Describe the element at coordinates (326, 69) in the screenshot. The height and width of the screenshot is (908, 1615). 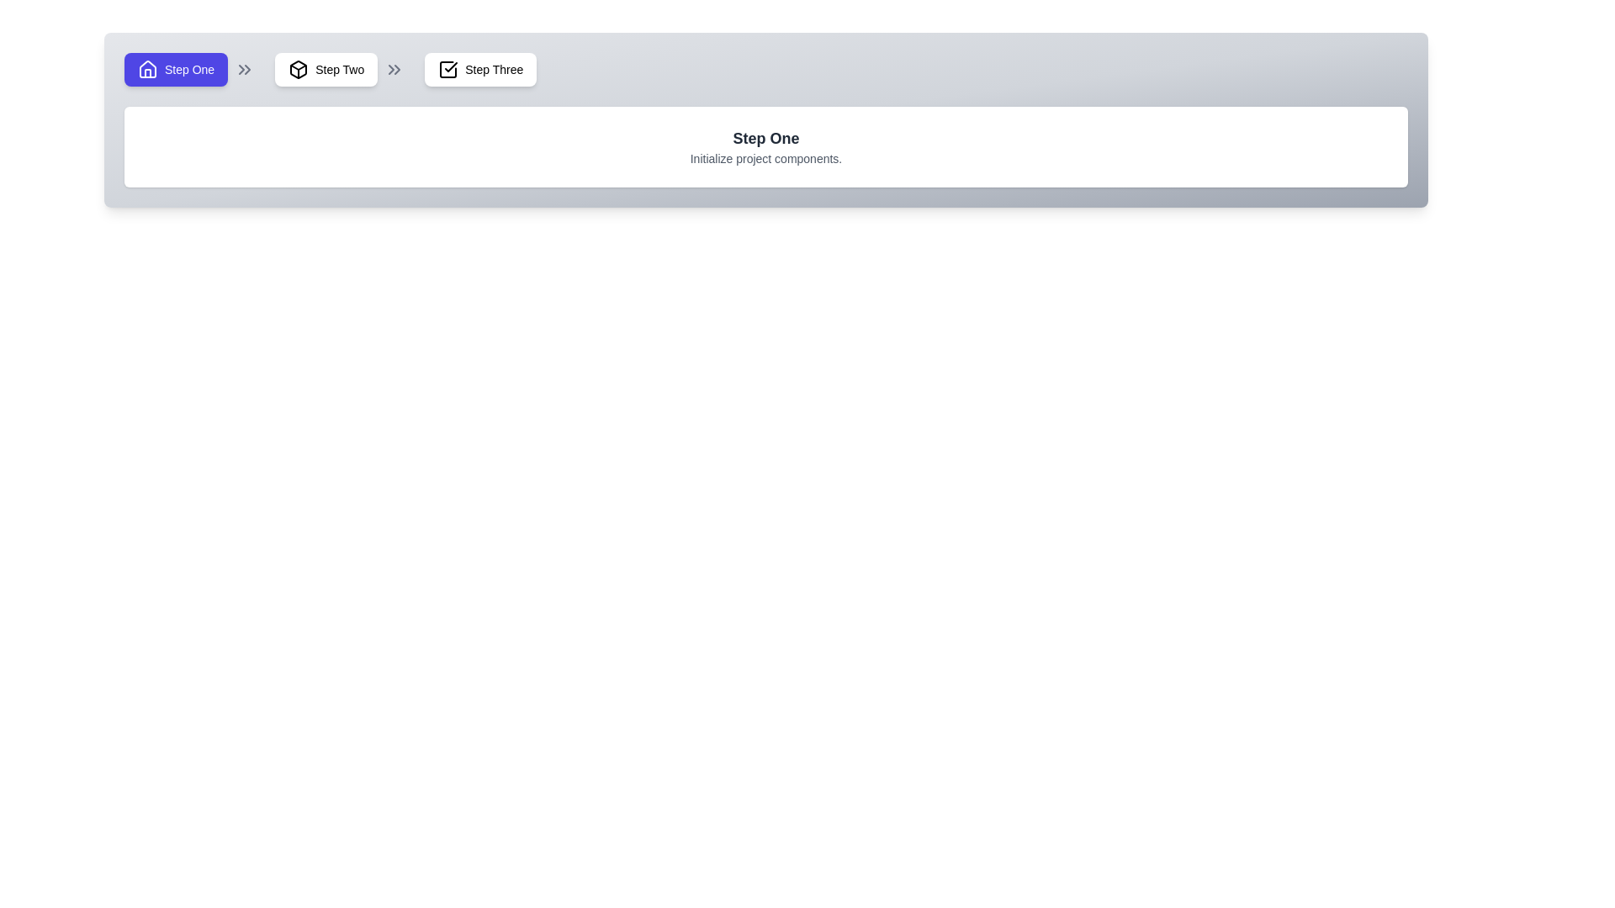
I see `the rounded button labeled 'Step Two' with a cube icon` at that location.